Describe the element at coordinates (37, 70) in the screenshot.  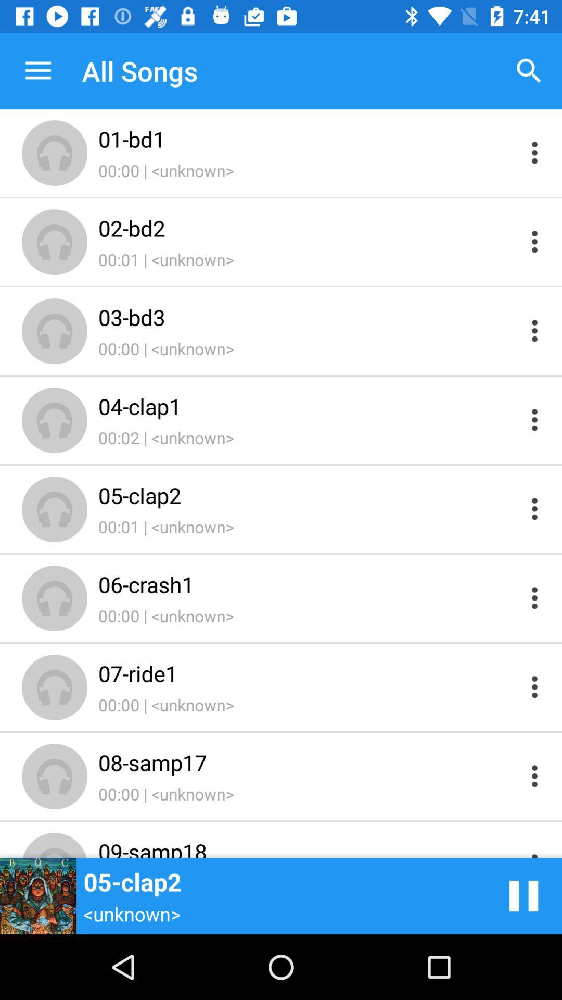
I see `the item next to the all songs app` at that location.